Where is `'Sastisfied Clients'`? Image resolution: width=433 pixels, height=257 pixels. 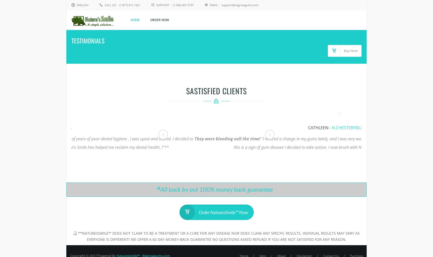
'Sastisfied Clients' is located at coordinates (186, 90).